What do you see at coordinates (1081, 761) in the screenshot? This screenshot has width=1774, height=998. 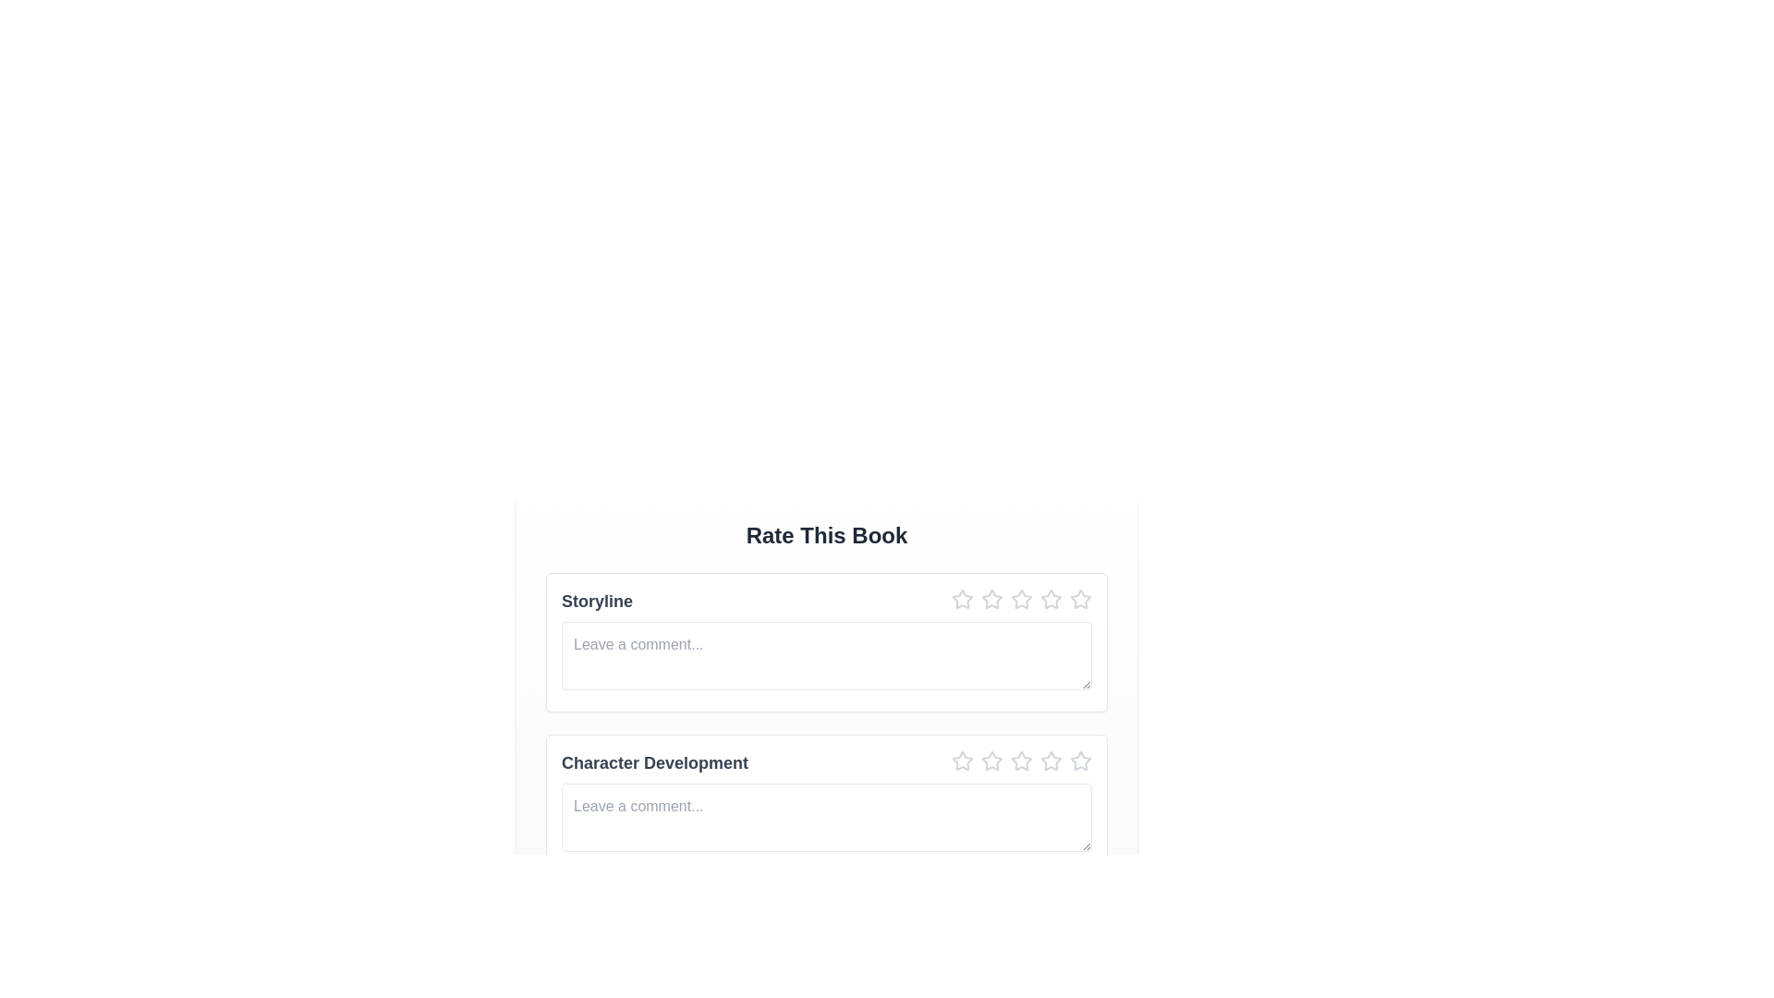 I see `the sixth star icon` at bounding box center [1081, 761].